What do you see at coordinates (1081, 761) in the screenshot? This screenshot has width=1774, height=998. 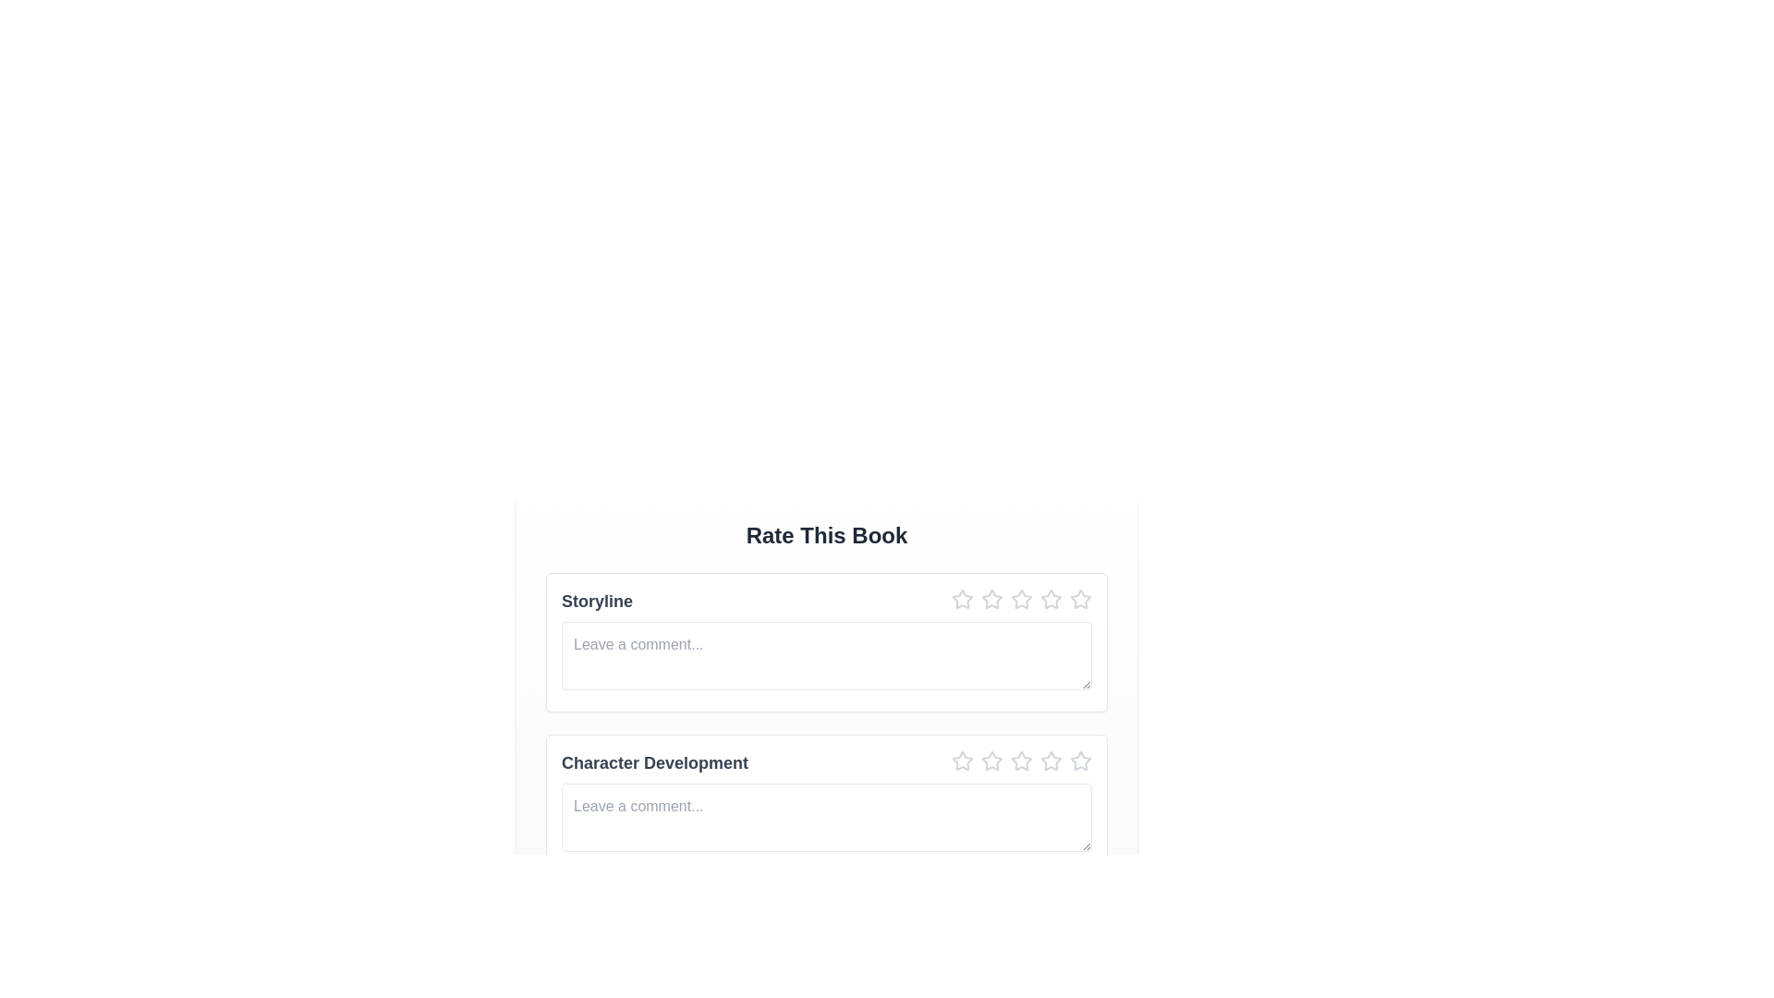 I see `the sixth star icon` at bounding box center [1081, 761].